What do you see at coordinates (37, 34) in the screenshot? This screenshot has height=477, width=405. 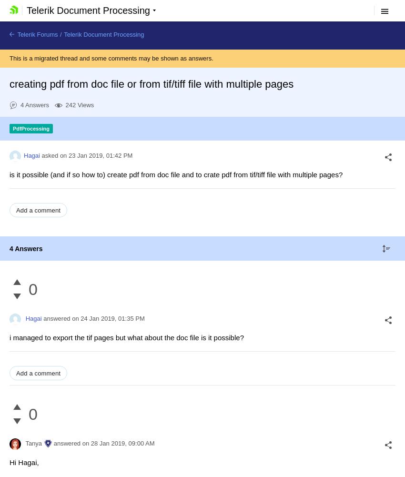 I see `'Telerik Forums'` at bounding box center [37, 34].